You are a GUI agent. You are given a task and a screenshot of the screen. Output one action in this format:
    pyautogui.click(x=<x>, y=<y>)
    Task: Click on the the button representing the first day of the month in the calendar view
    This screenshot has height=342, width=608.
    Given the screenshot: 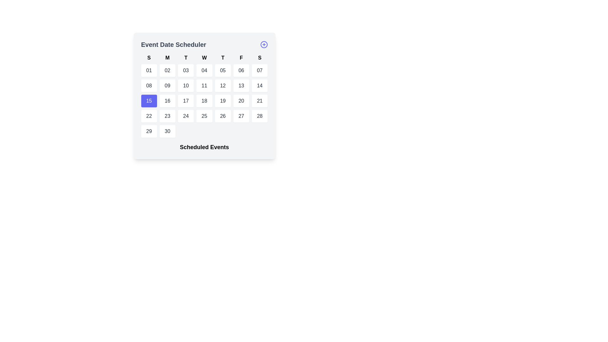 What is the action you would take?
    pyautogui.click(x=149, y=71)
    